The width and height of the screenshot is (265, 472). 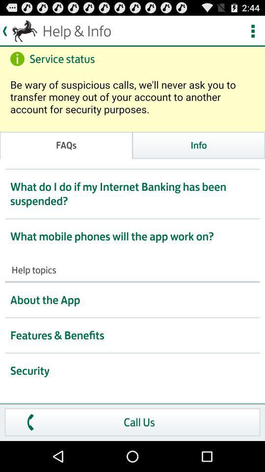 What do you see at coordinates (20, 31) in the screenshot?
I see `the icon at top right corner` at bounding box center [20, 31].